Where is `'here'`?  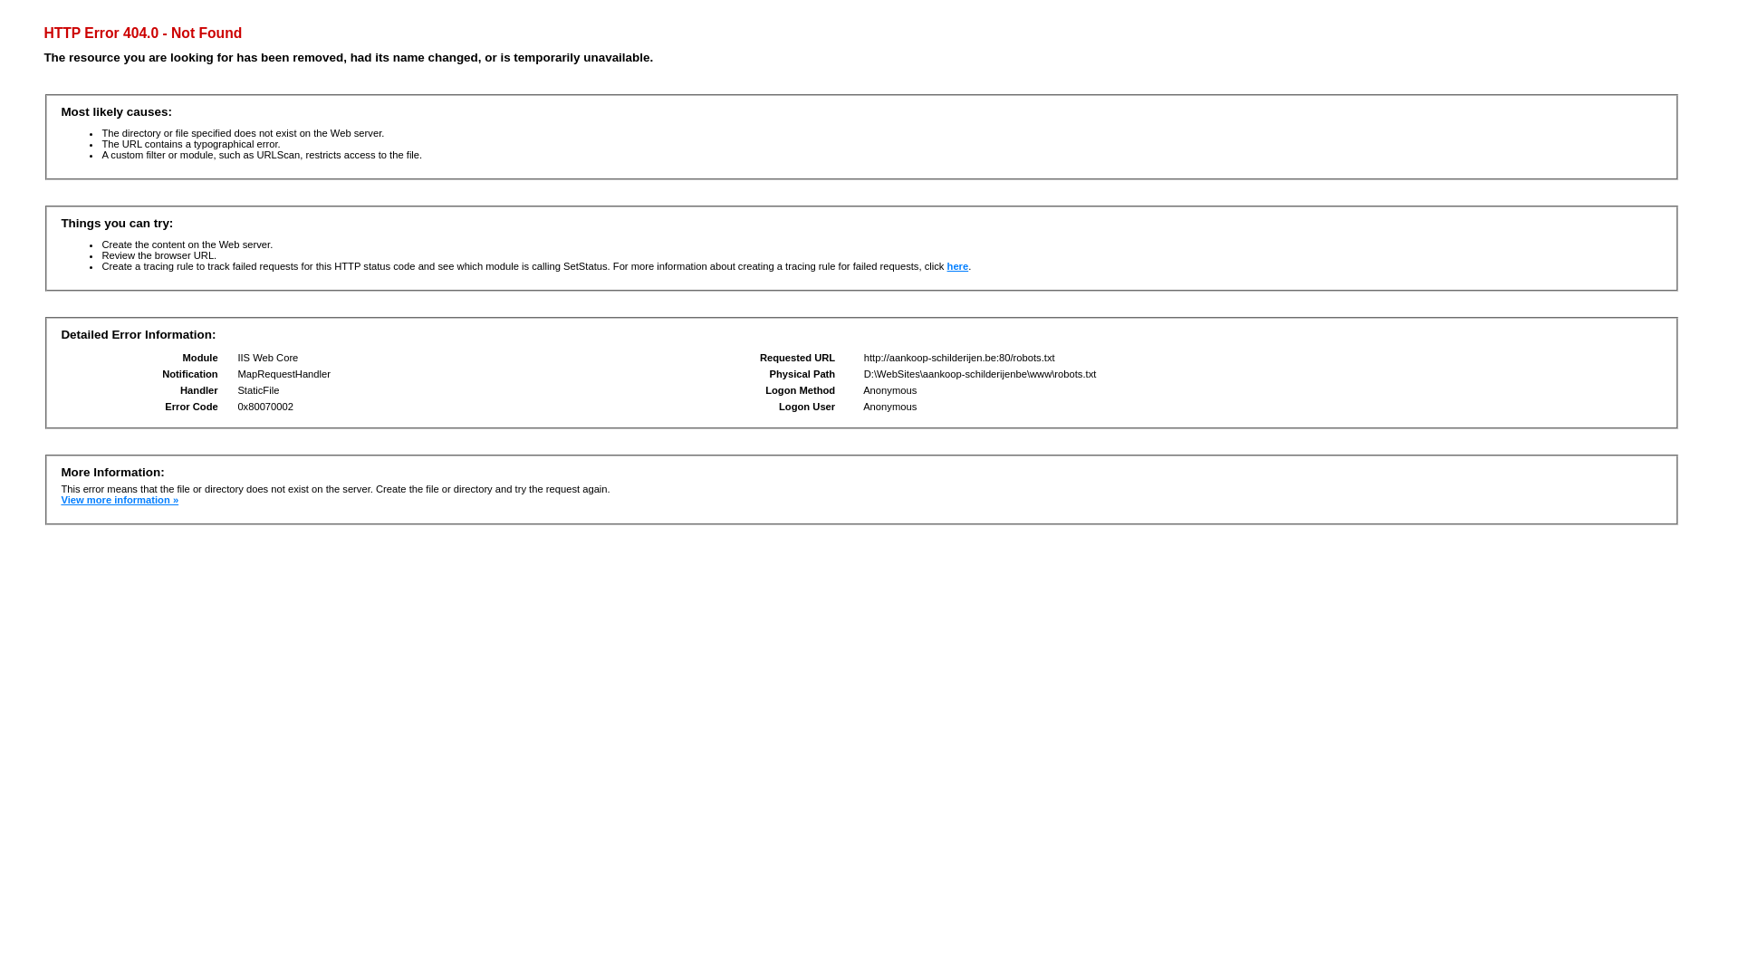
'here' is located at coordinates (956, 265).